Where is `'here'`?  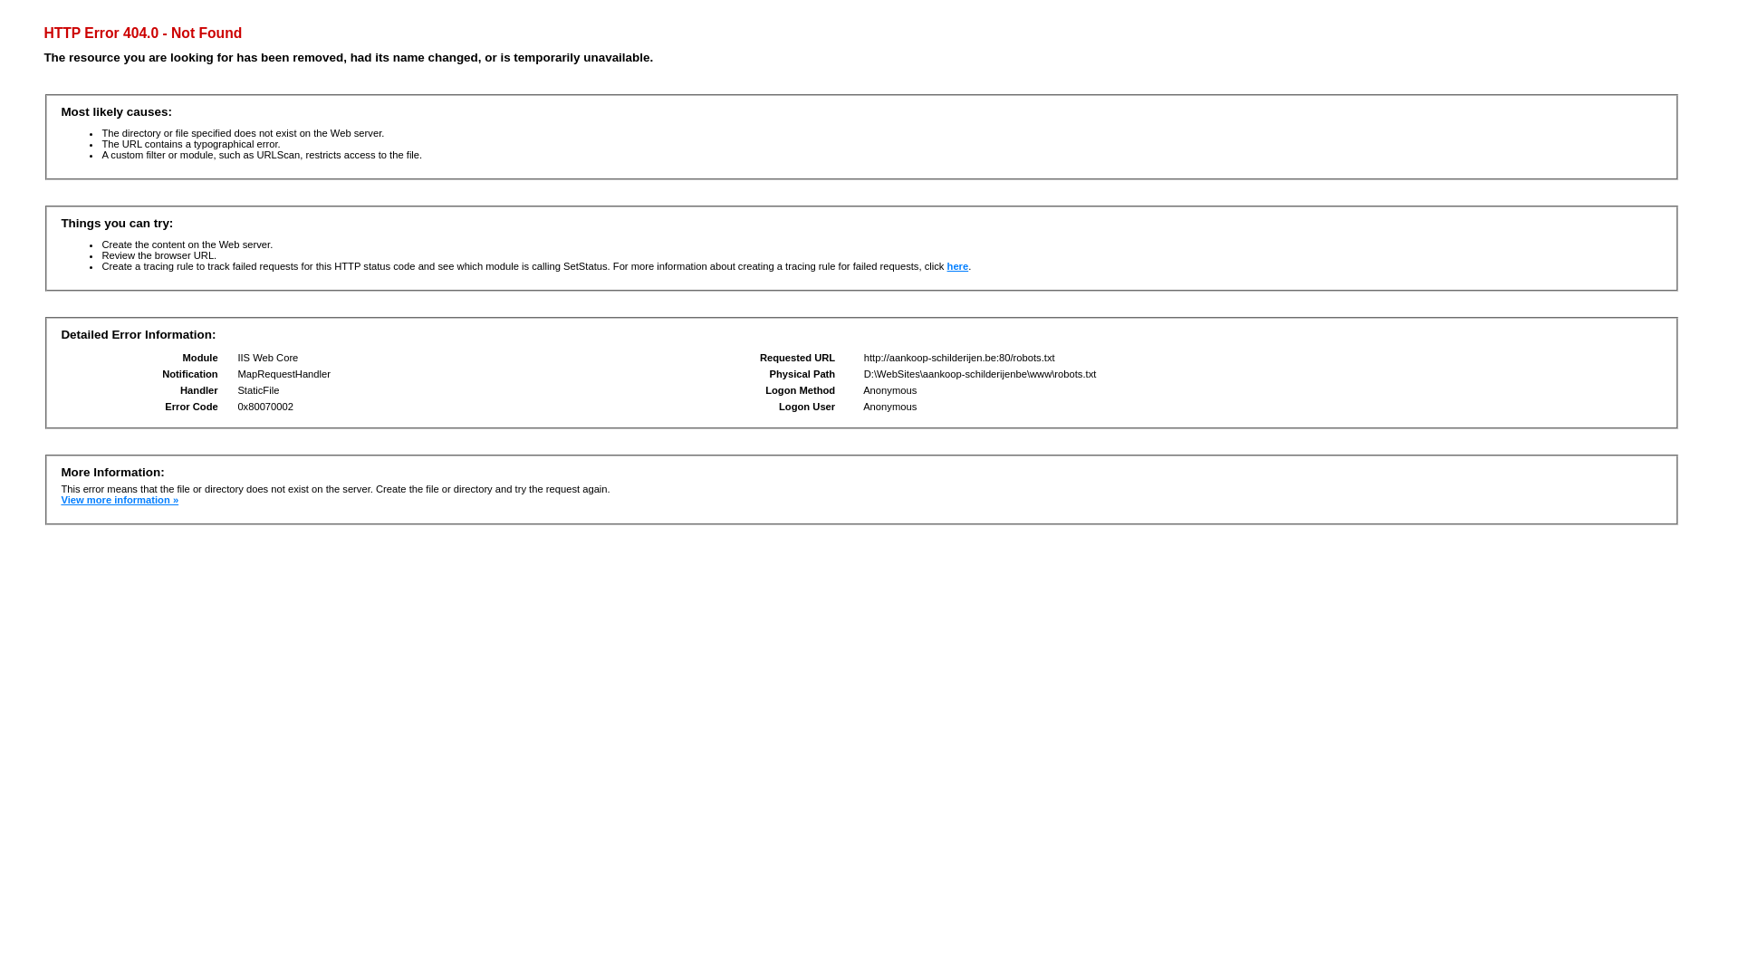
'here' is located at coordinates (956, 265).